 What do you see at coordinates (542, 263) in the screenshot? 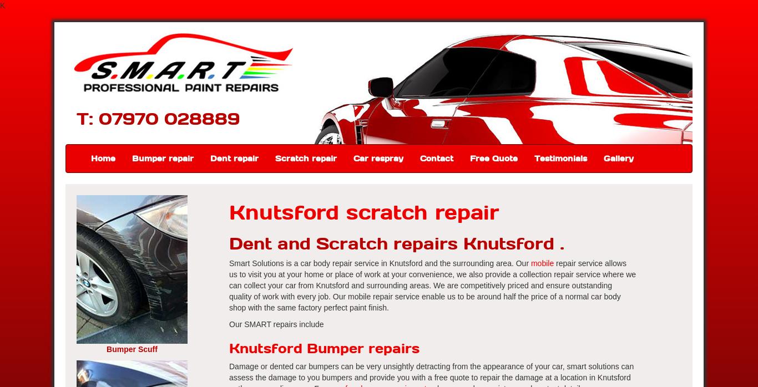
I see `'mobile'` at bounding box center [542, 263].